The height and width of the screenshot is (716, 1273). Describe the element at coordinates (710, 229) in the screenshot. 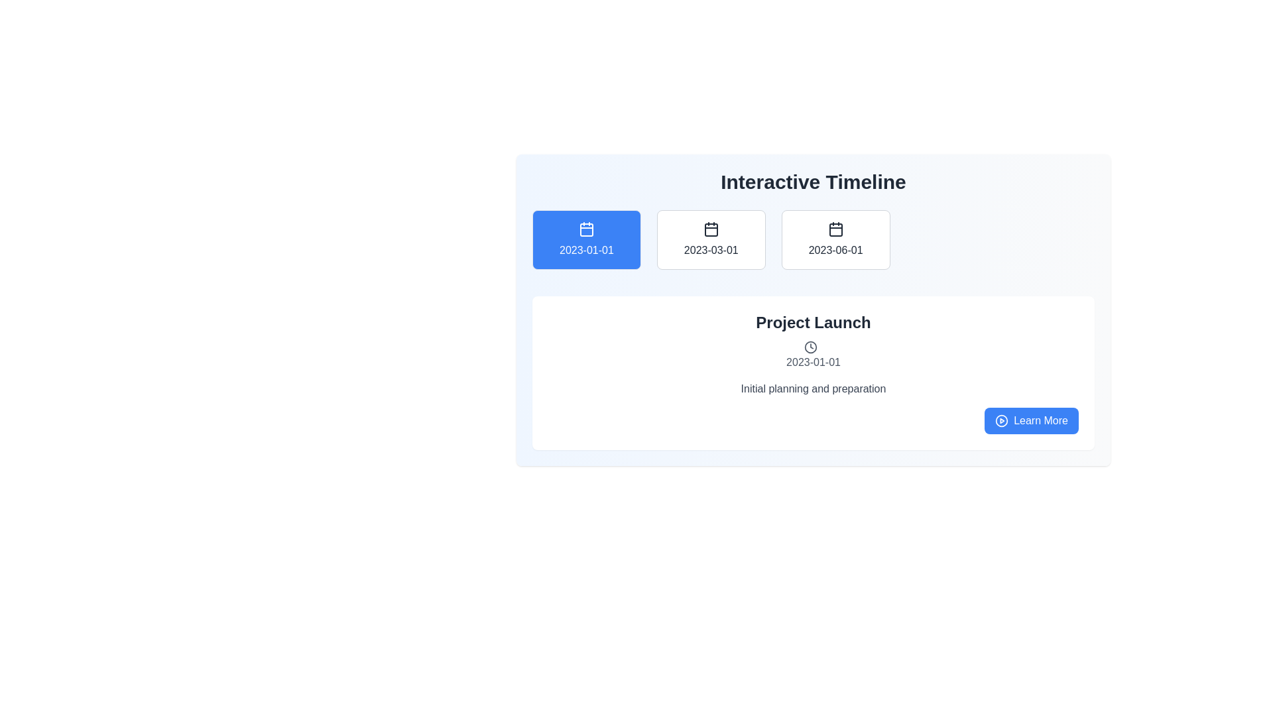

I see `the calendar icon representing the date '2023-03-01', which is the second icon in a row of three similar date-based items near the top center of the interface` at that location.